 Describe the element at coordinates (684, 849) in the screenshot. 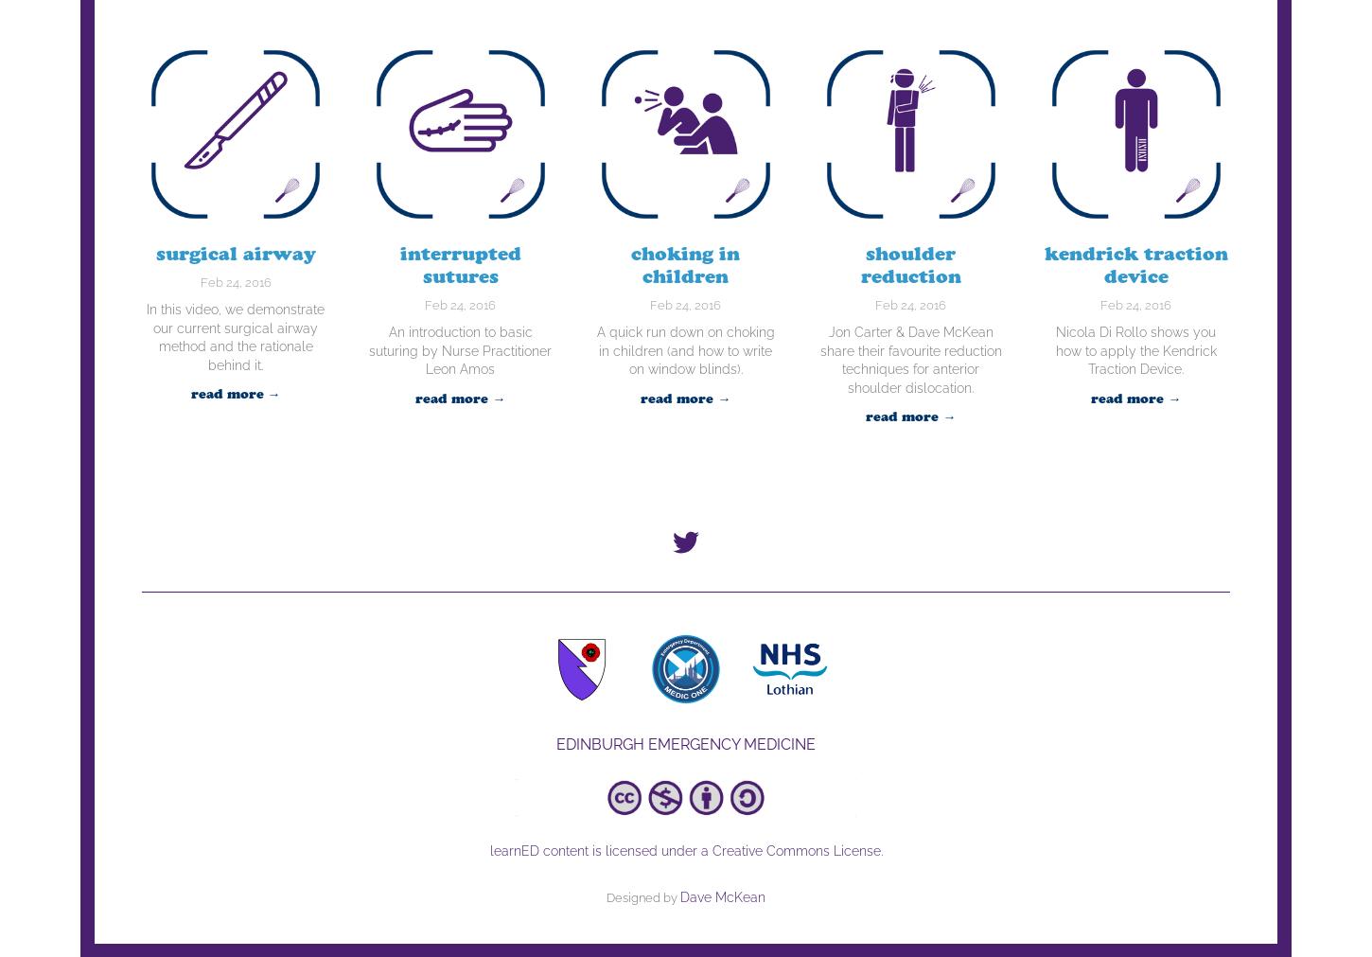

I see `'learnED content is licensed under a Creative Commons License.'` at that location.